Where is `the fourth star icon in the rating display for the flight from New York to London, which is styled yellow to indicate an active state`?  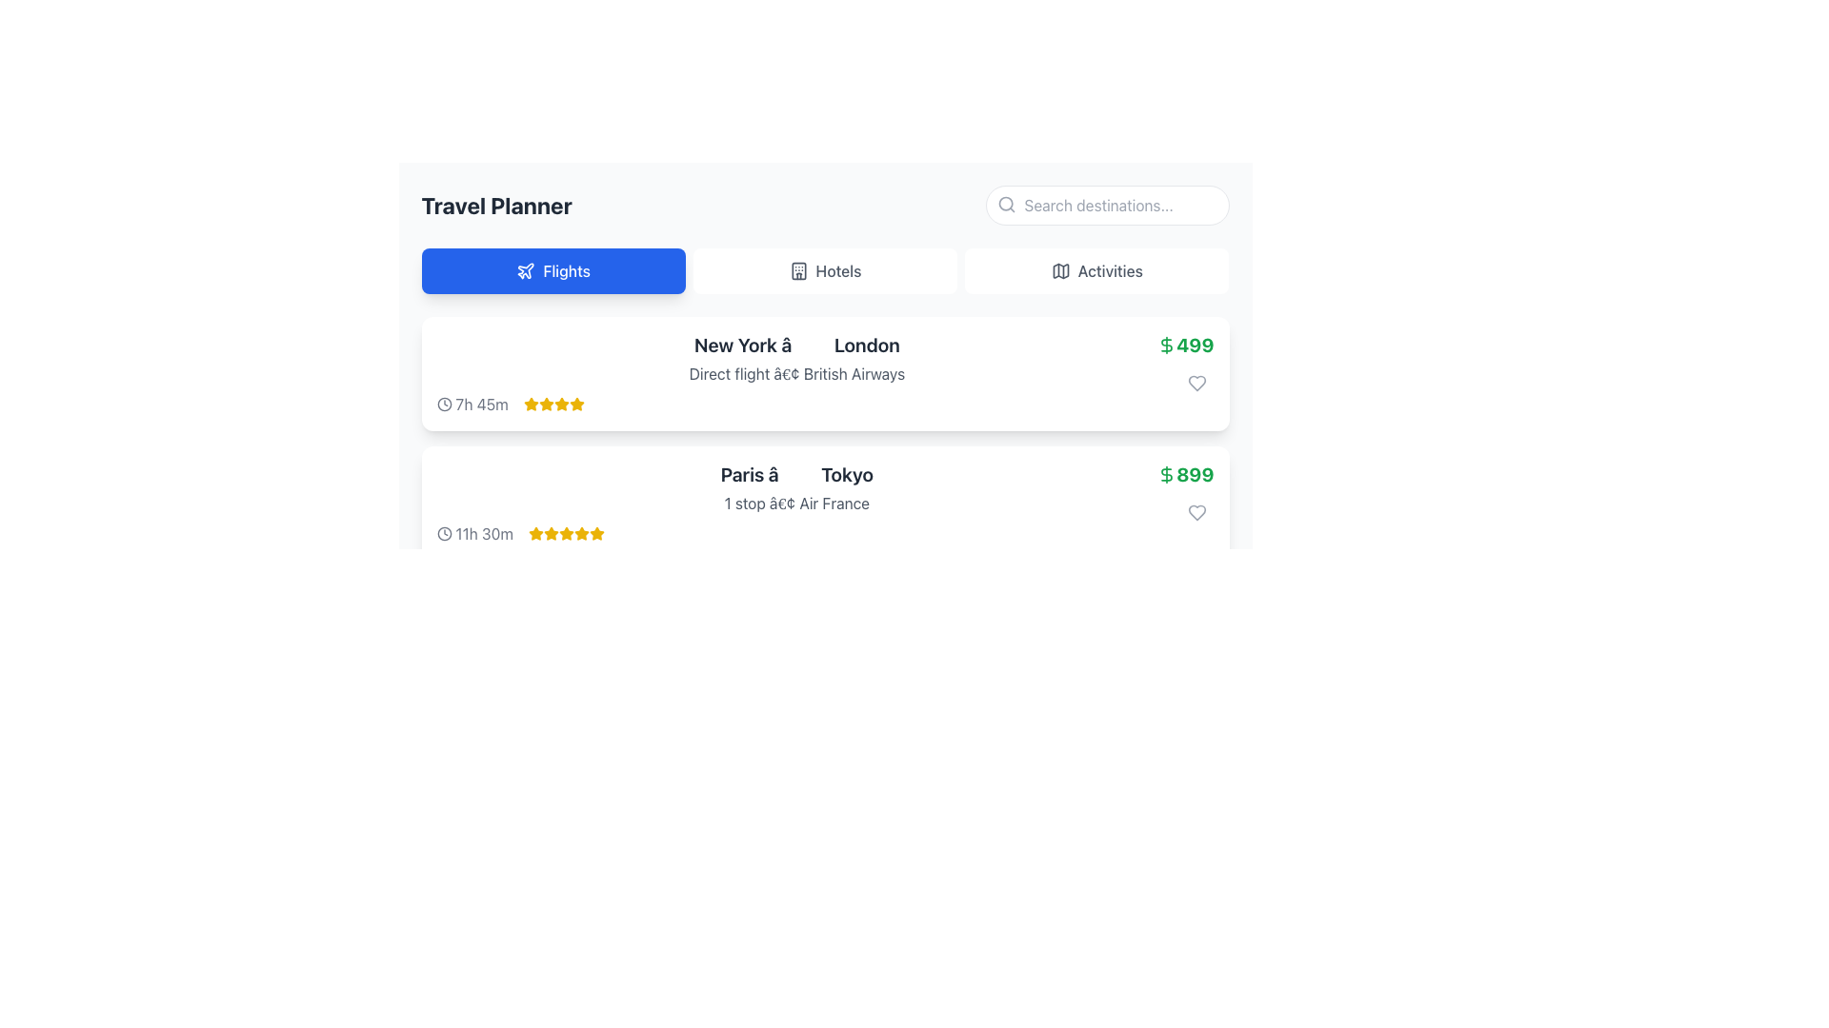
the fourth star icon in the rating display for the flight from New York to London, which is styled yellow to indicate an active state is located at coordinates (560, 403).